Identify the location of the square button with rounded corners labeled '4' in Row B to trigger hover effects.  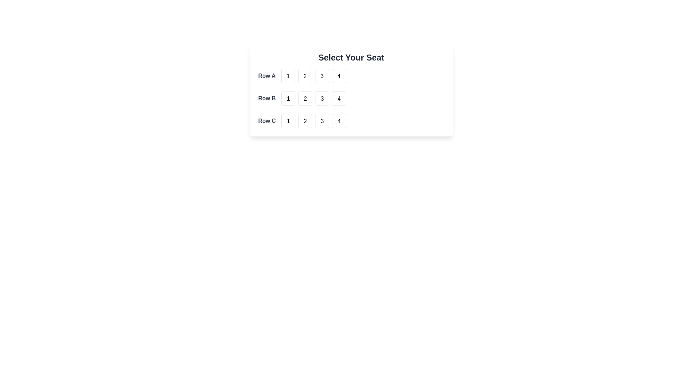
(339, 99).